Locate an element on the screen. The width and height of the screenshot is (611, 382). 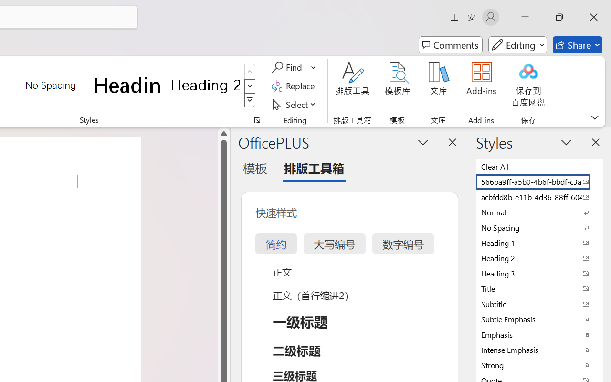
'Clear All' is located at coordinates (539, 166).